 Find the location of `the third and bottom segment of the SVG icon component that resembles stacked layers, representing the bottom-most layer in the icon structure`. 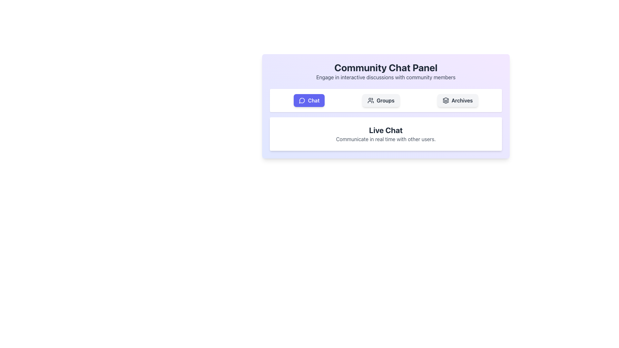

the third and bottom segment of the SVG icon component that resembles stacked layers, representing the bottom-most layer in the icon structure is located at coordinates (445, 102).